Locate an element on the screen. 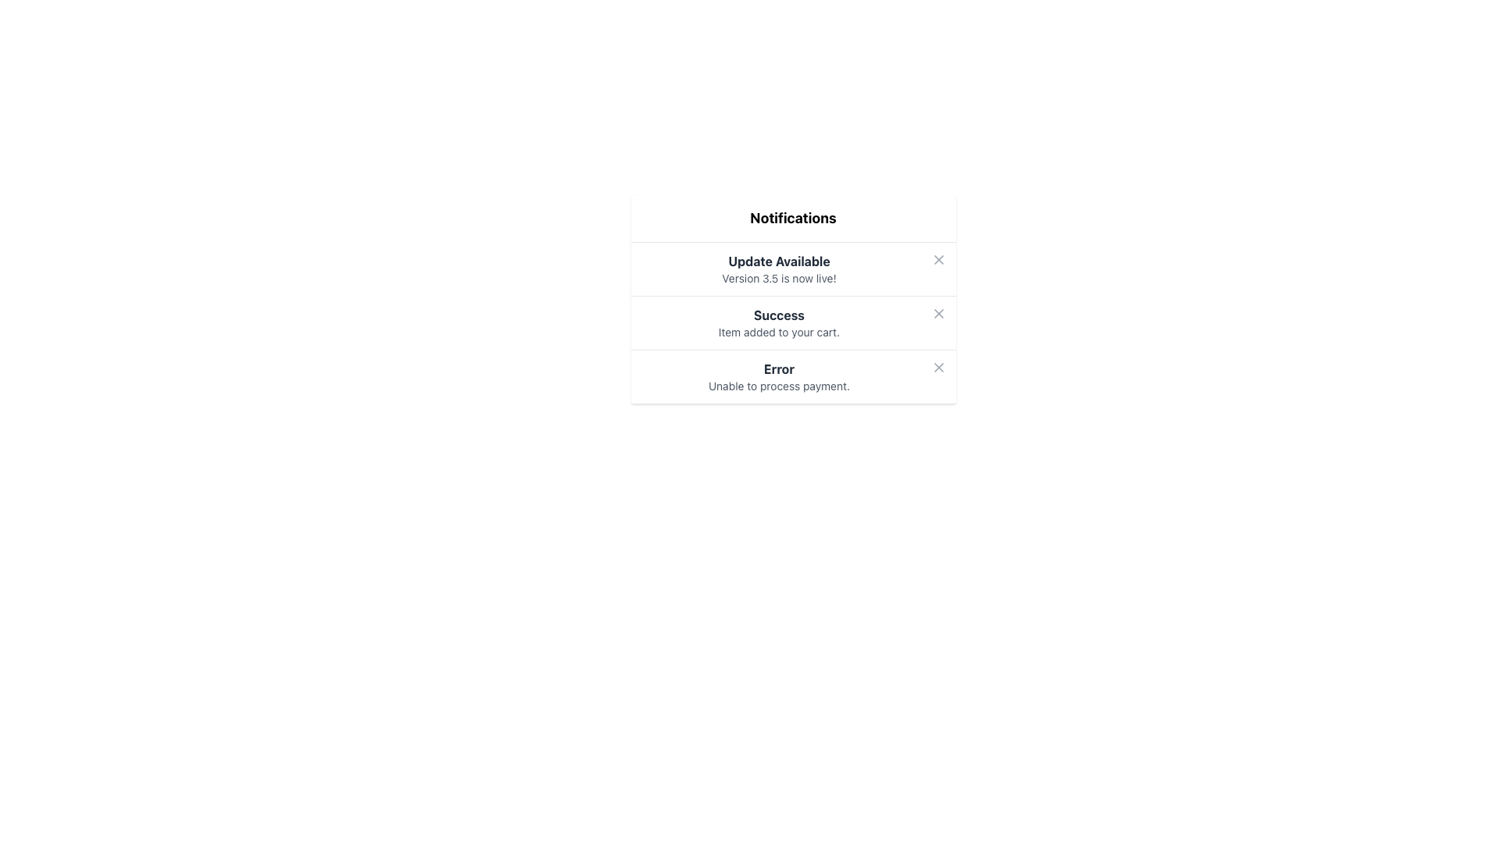 This screenshot has width=1500, height=843. the text element displaying 'Unable to process payment.' which is styled in light gray and located under the bold 'Error' label in the notification item is located at coordinates (779, 386).